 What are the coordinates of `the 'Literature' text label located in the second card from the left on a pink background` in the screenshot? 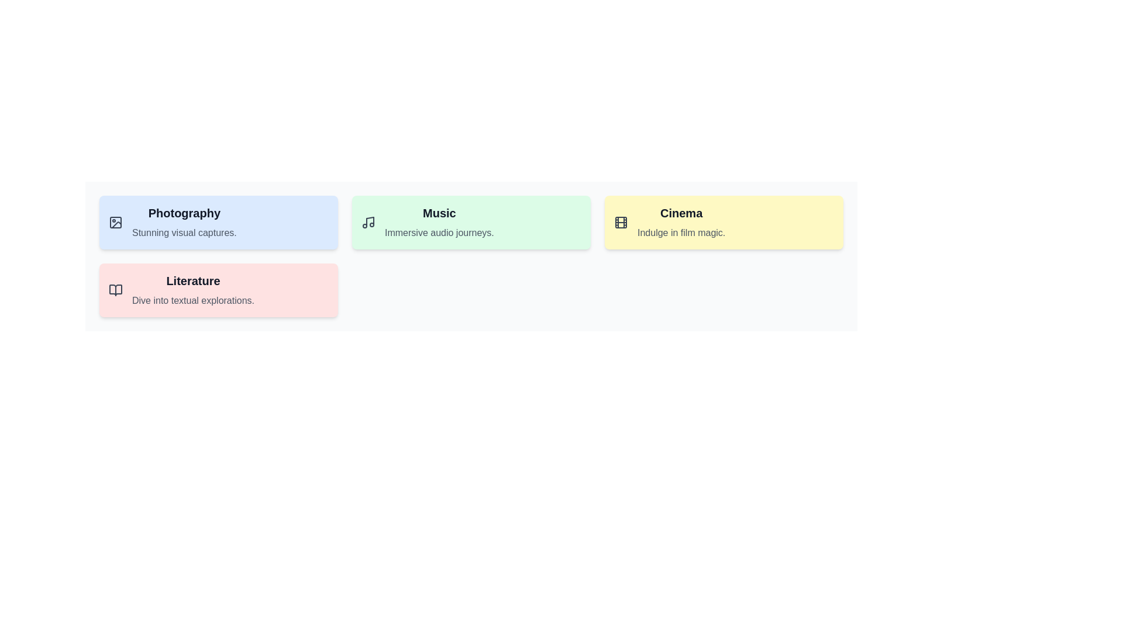 It's located at (193, 290).